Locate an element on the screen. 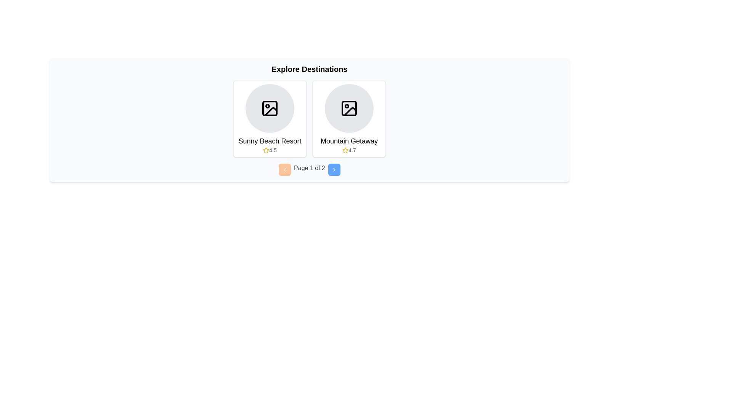 Image resolution: width=732 pixels, height=411 pixels. the yellow star icon with a hollow center, which is part of the rating indicator for 'Sunny Beach Resort', to see the rating display is located at coordinates (266, 150).